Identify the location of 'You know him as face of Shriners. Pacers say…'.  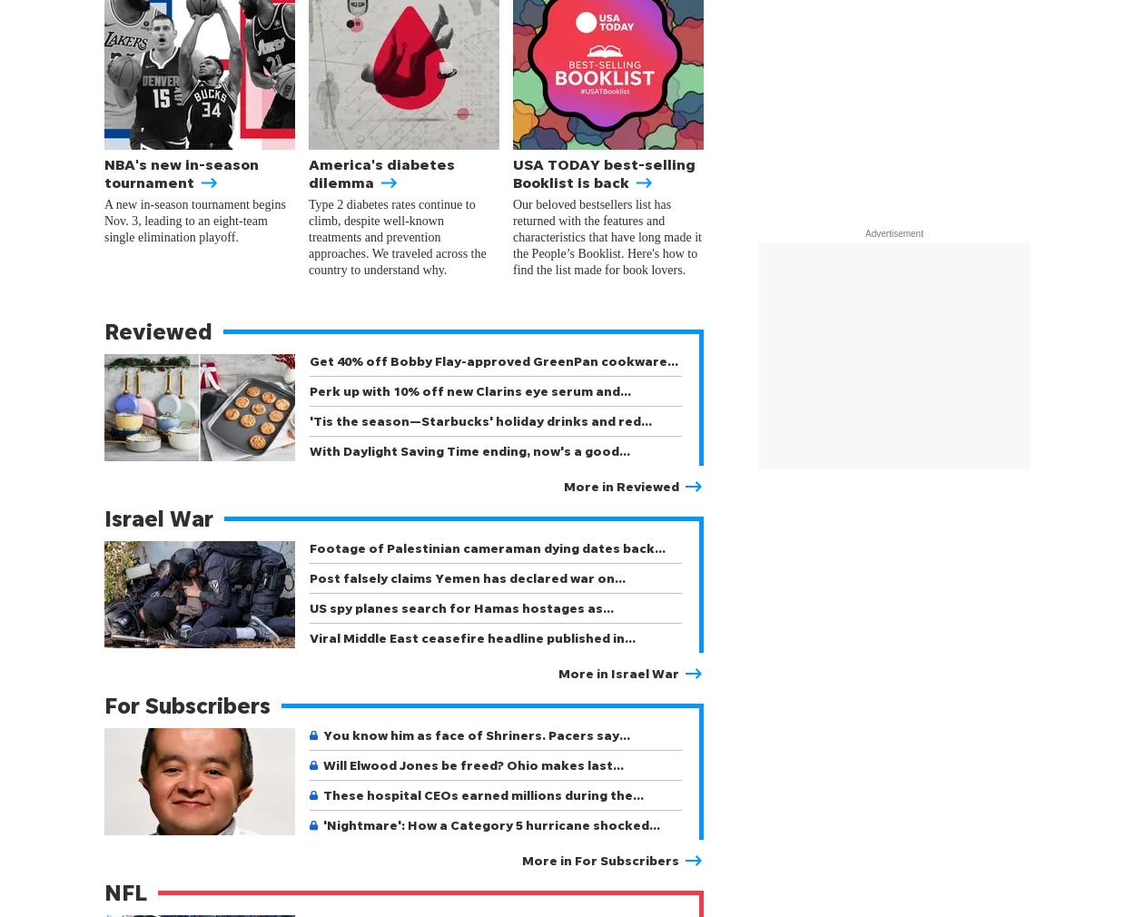
(477, 735).